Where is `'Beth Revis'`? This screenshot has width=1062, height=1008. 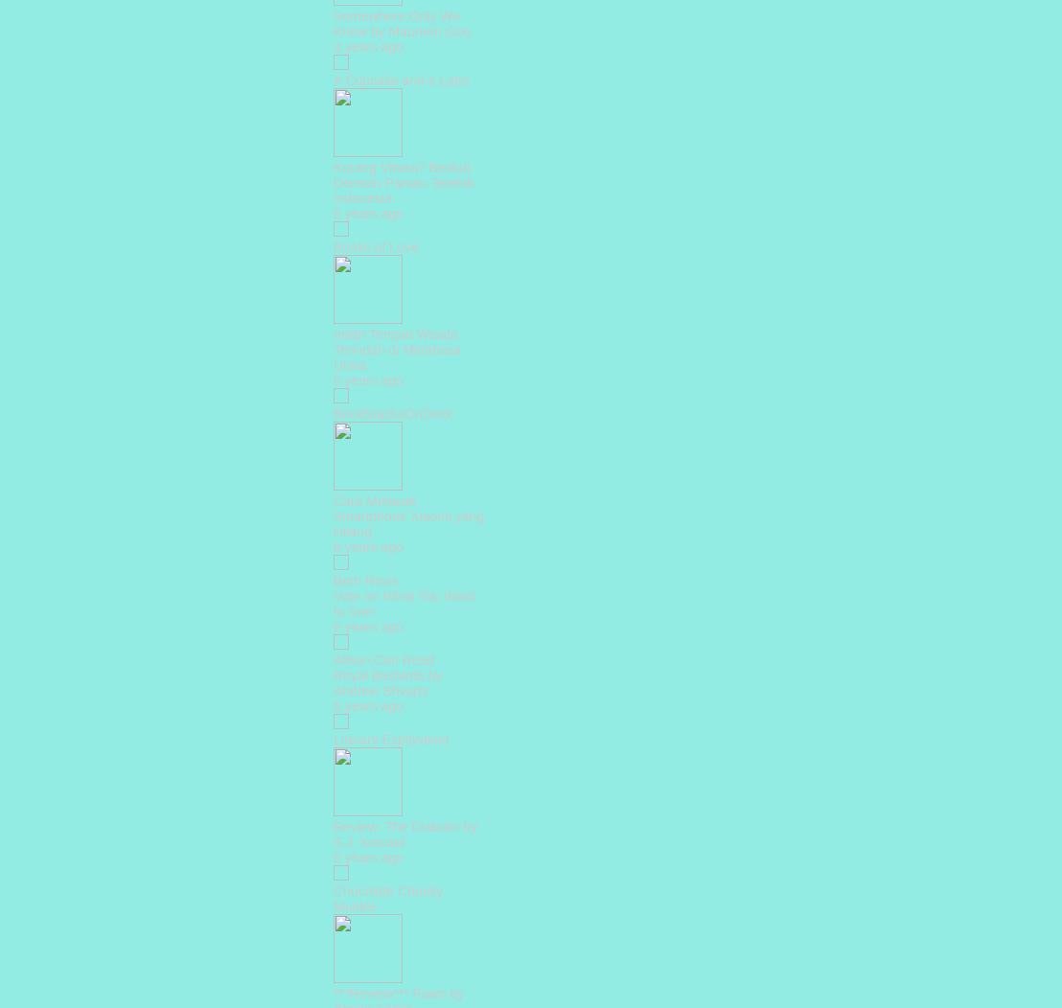 'Beth Revis' is located at coordinates (333, 579).